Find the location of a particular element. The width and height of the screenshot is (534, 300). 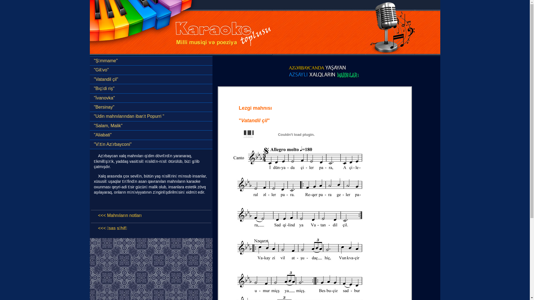

'"Bersinay"' is located at coordinates (89, 107).